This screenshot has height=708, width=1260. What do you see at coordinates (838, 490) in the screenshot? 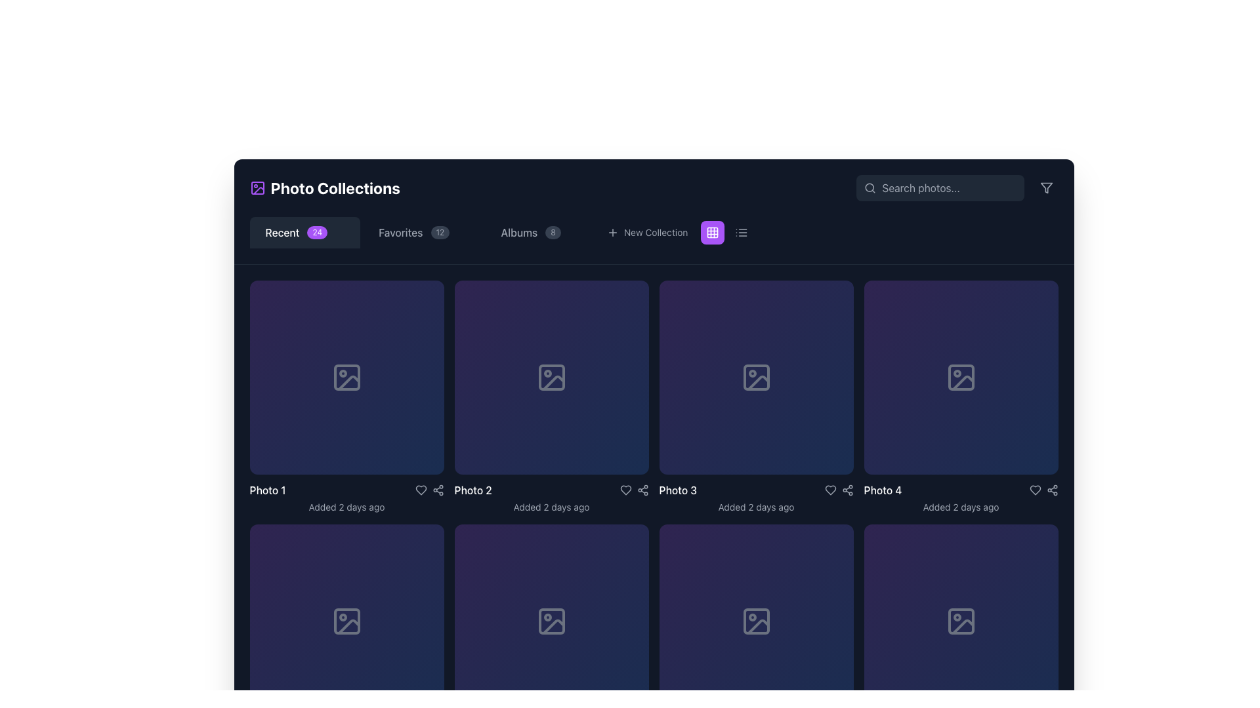
I see `the share network icon in the footer section of 'Photo 3'` at bounding box center [838, 490].